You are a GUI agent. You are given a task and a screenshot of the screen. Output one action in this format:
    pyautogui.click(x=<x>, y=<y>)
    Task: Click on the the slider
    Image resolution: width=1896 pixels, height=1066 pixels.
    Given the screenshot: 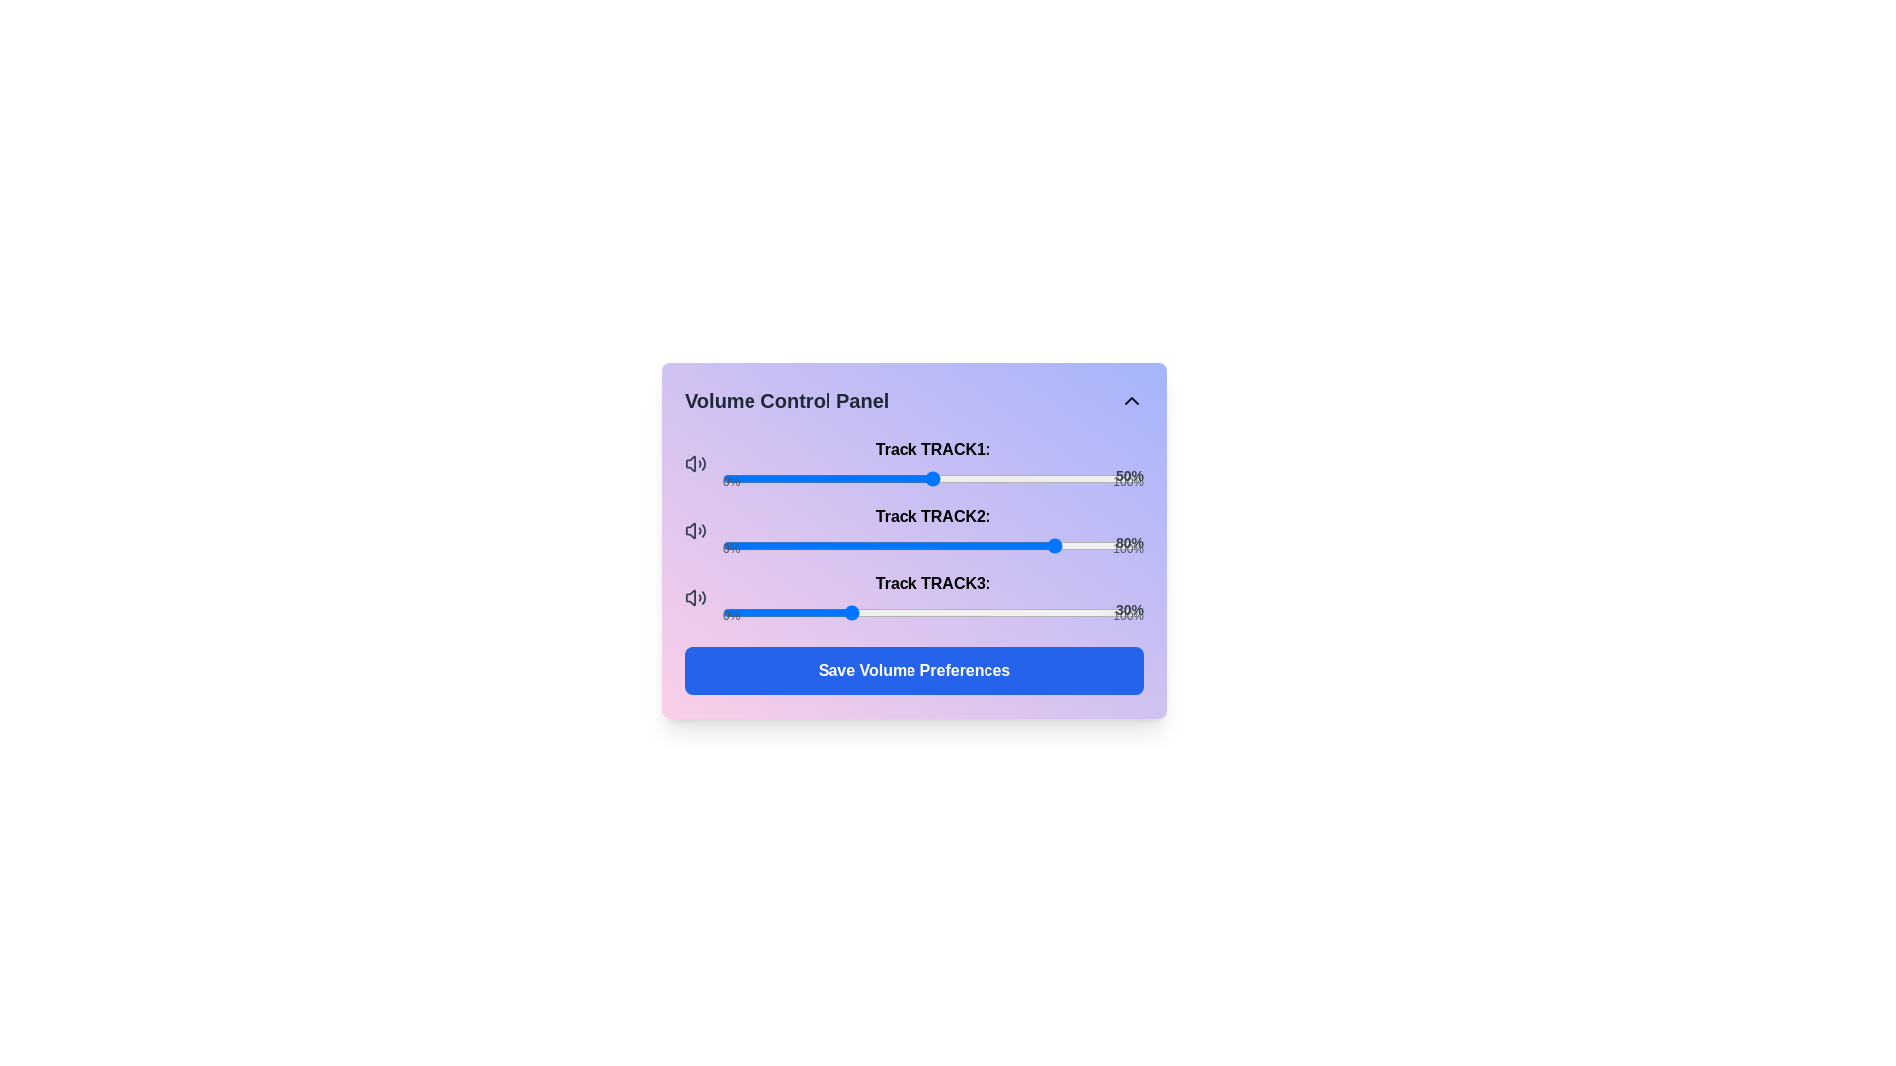 What is the action you would take?
    pyautogui.click(x=979, y=479)
    